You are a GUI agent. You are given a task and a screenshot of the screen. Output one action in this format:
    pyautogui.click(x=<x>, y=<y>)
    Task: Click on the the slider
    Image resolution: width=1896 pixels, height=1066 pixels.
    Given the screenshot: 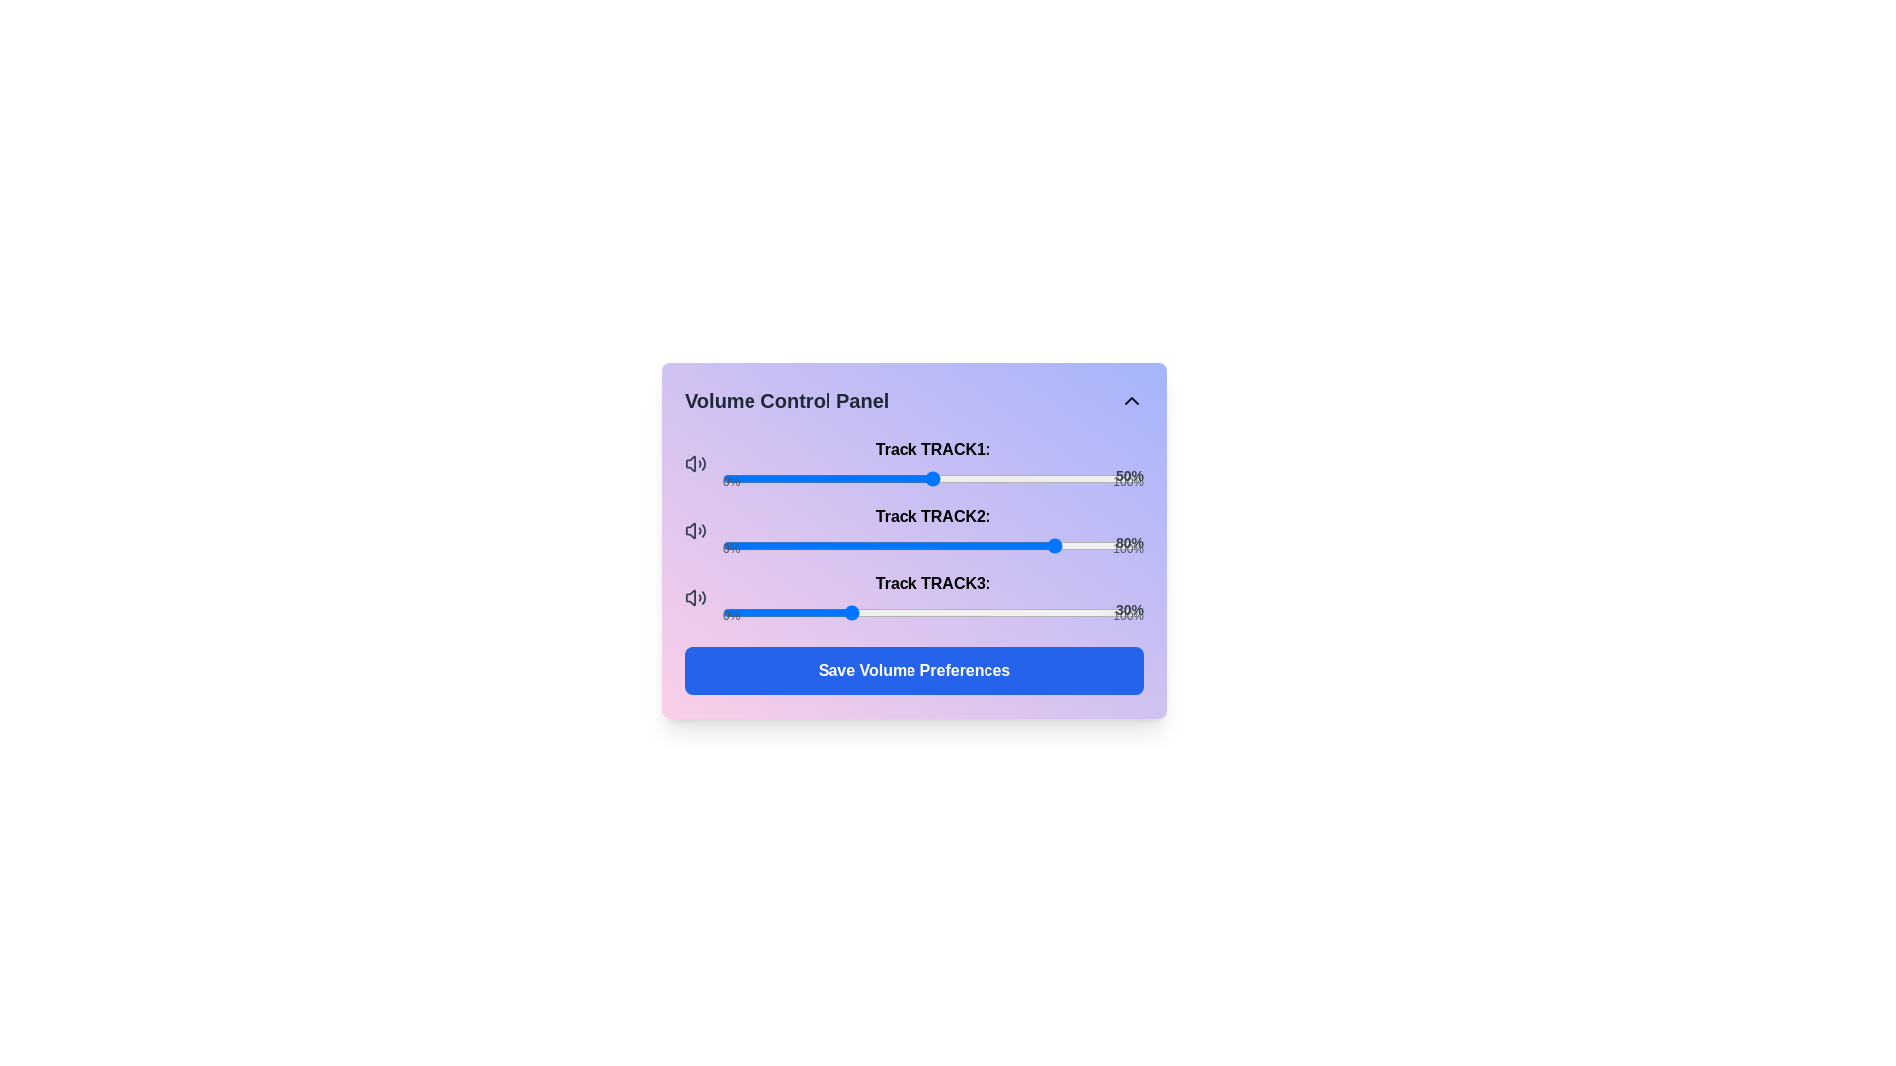 What is the action you would take?
    pyautogui.click(x=979, y=479)
    